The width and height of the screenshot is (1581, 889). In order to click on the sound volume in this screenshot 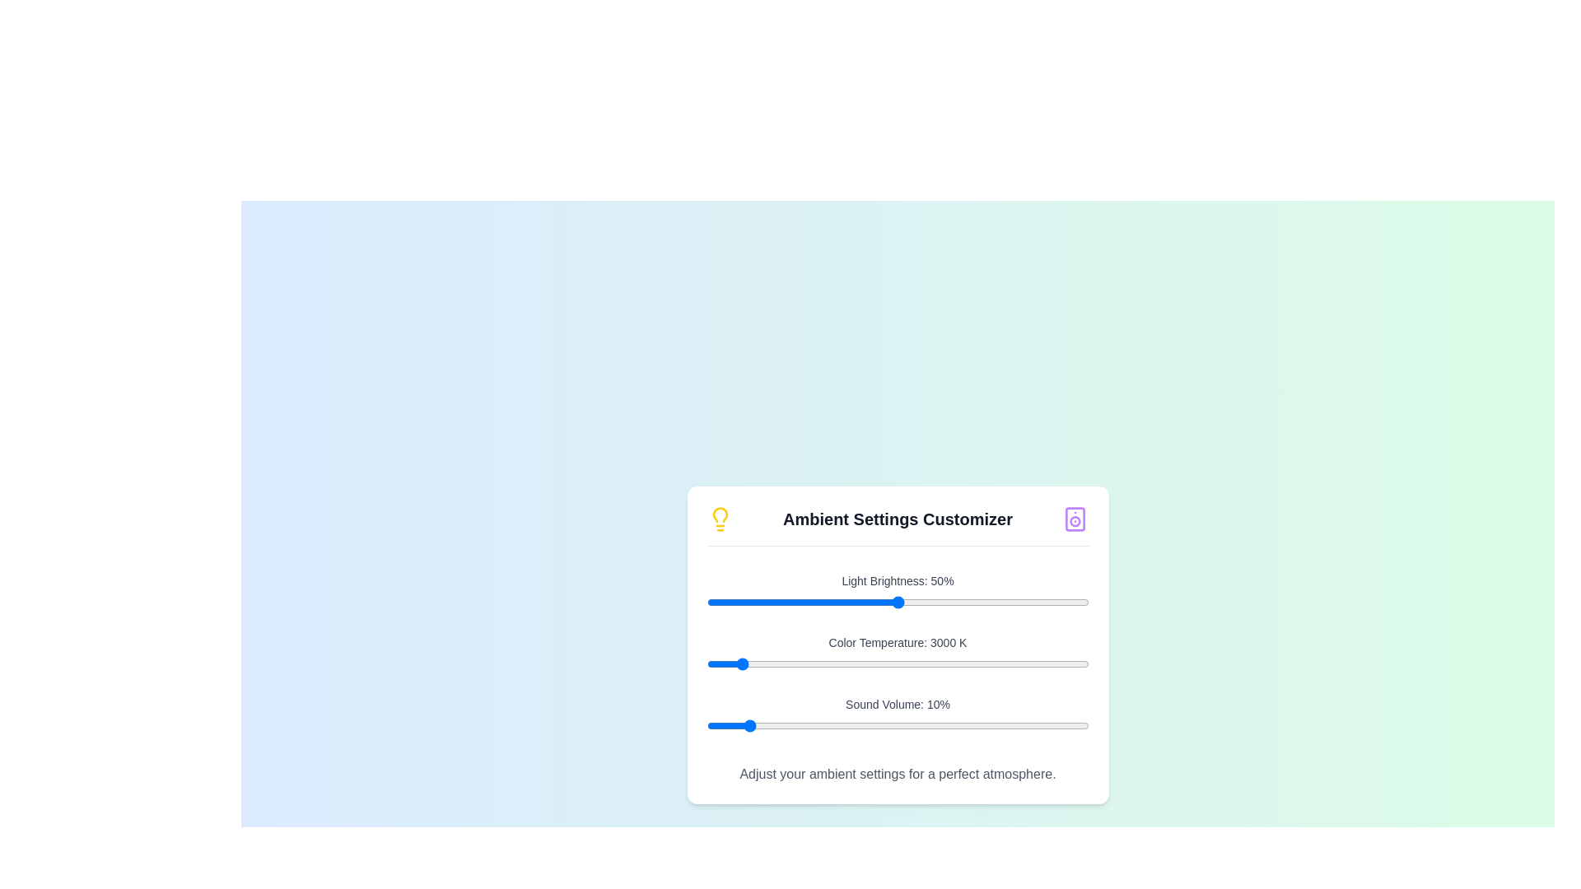, I will do `click(920, 725)`.